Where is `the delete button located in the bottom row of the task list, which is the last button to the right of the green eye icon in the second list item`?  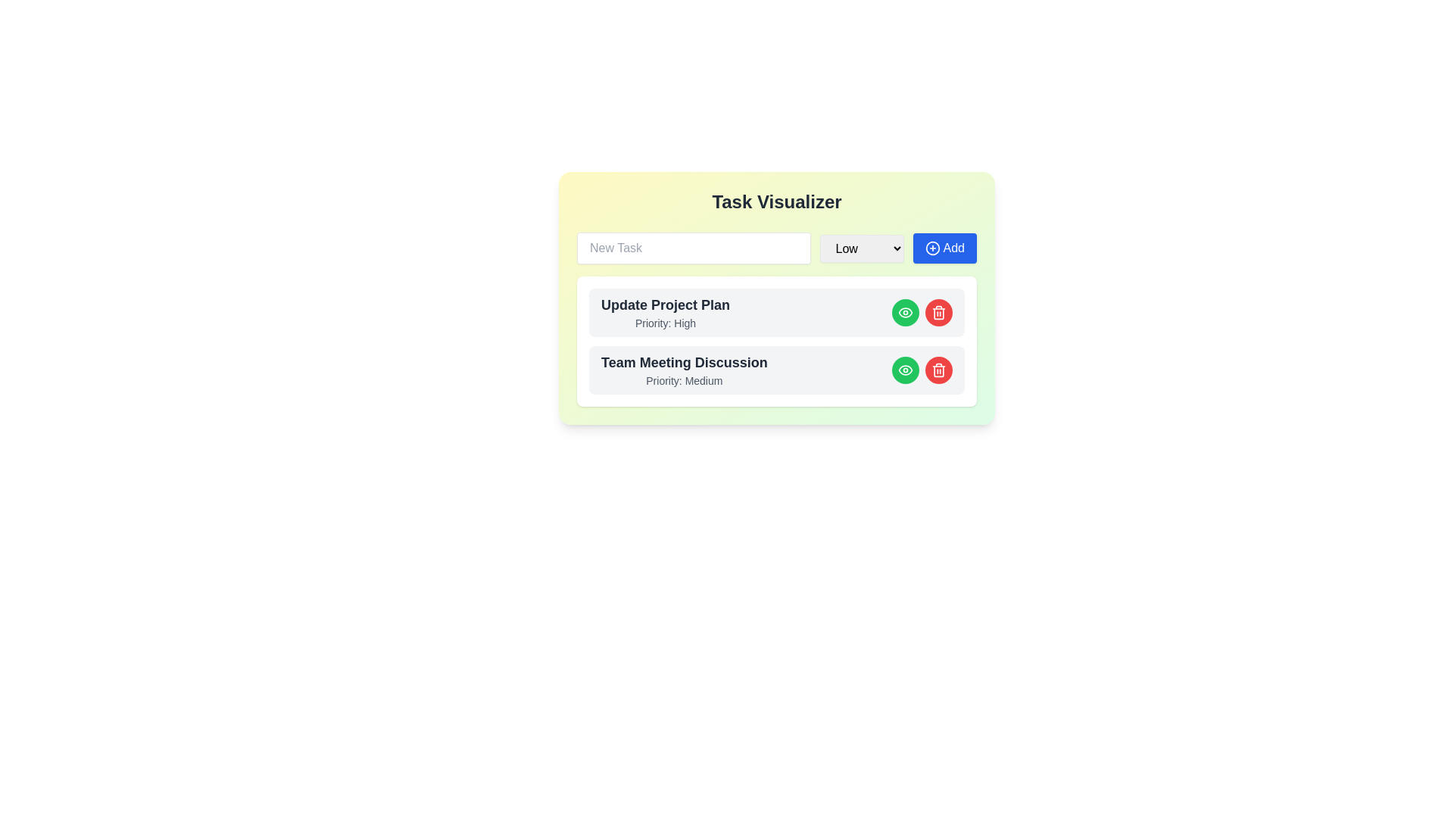
the delete button located in the bottom row of the task list, which is the last button to the right of the green eye icon in the second list item is located at coordinates (938, 370).